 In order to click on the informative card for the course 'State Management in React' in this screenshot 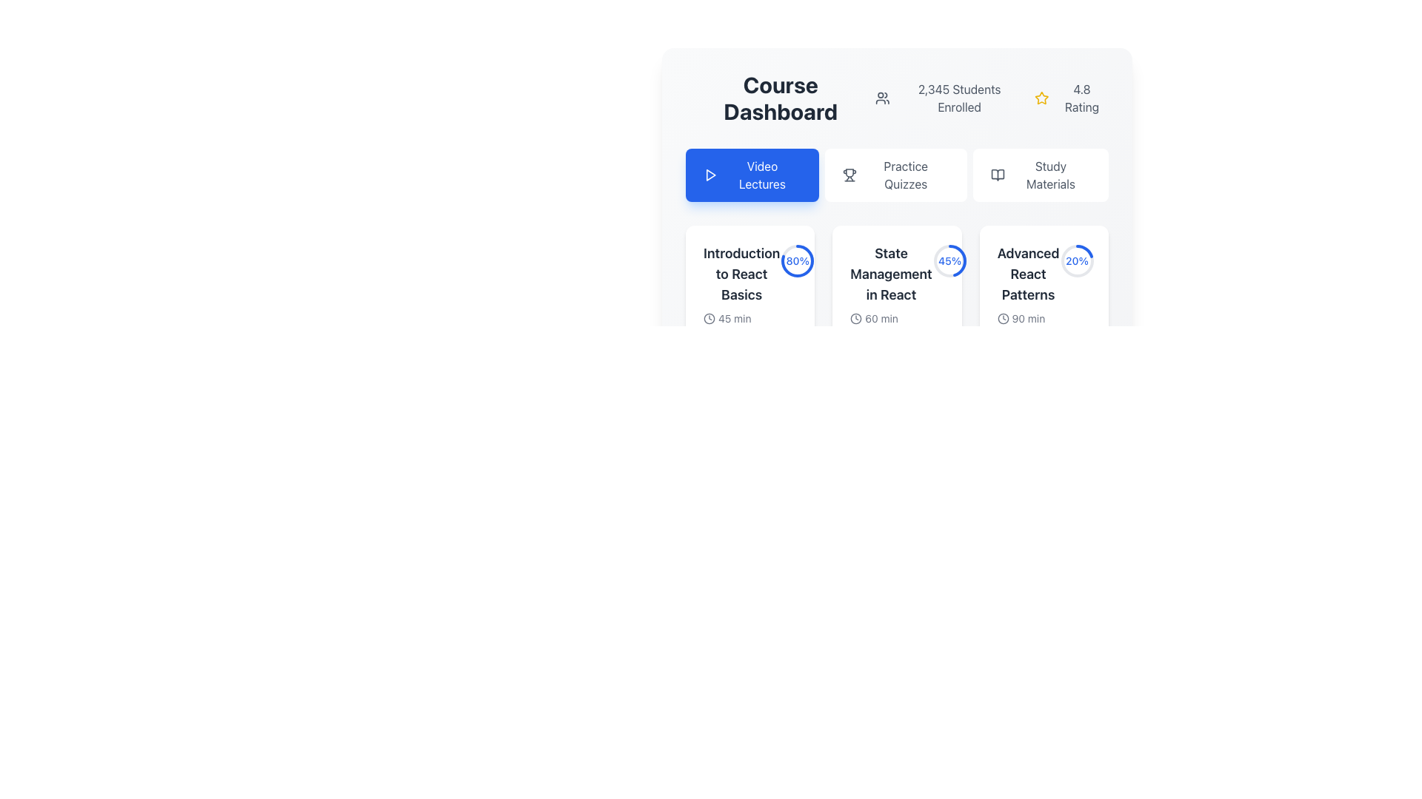, I will do `click(896, 318)`.